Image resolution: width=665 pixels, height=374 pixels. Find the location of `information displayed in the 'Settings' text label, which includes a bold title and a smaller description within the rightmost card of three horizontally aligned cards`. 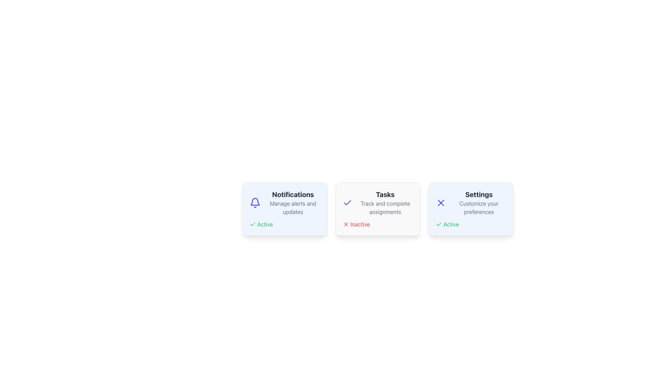

information displayed in the 'Settings' text label, which includes a bold title and a smaller description within the rightmost card of three horizontally aligned cards is located at coordinates (471, 203).